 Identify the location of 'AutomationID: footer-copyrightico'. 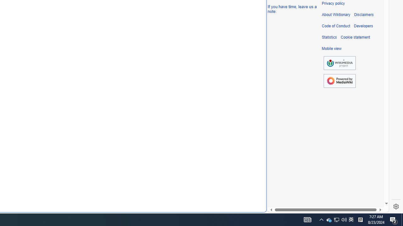
(339, 63).